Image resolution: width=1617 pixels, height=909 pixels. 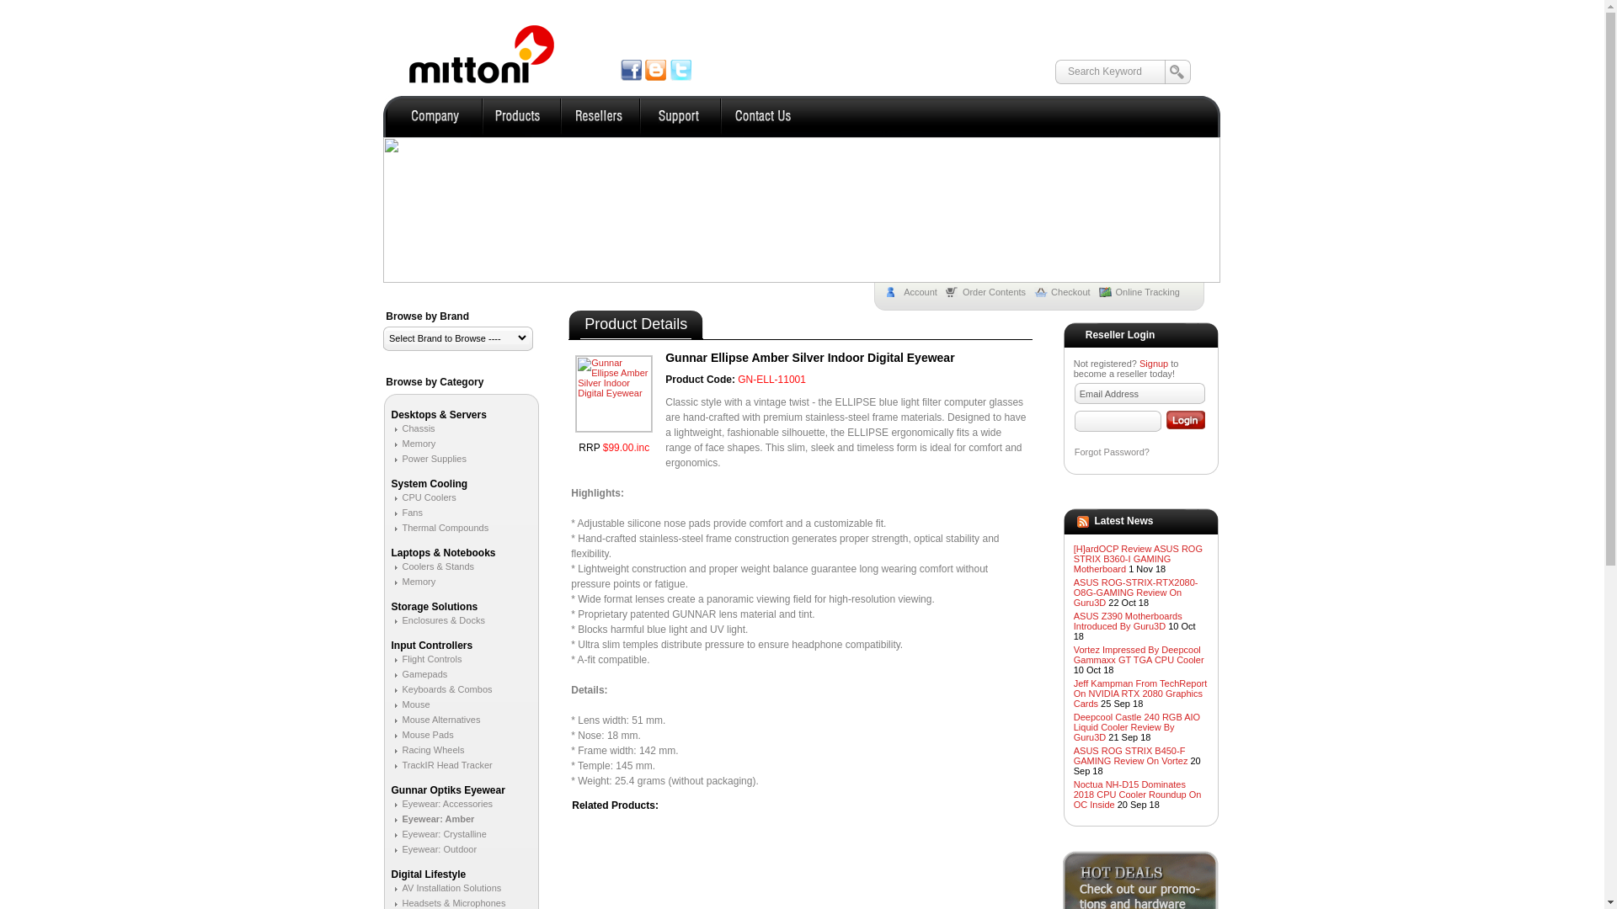 I want to click on 'Keyboards & Combos', so click(x=390, y=688).